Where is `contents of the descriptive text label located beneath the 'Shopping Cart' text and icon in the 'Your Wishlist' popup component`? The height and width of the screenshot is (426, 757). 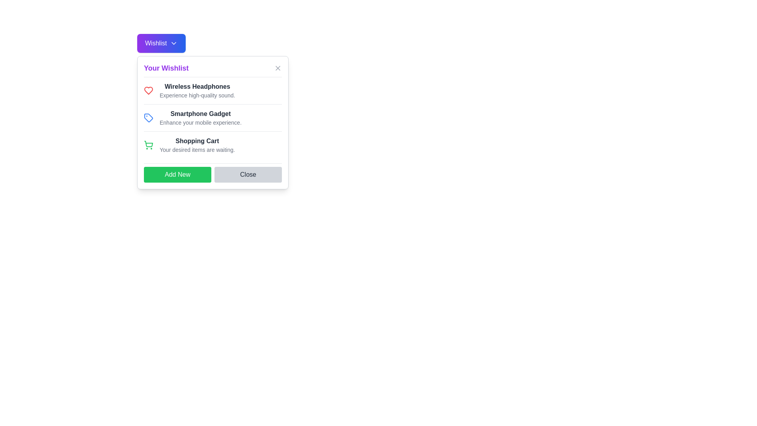 contents of the descriptive text label located beneath the 'Shopping Cart' text and icon in the 'Your Wishlist' popup component is located at coordinates (197, 150).